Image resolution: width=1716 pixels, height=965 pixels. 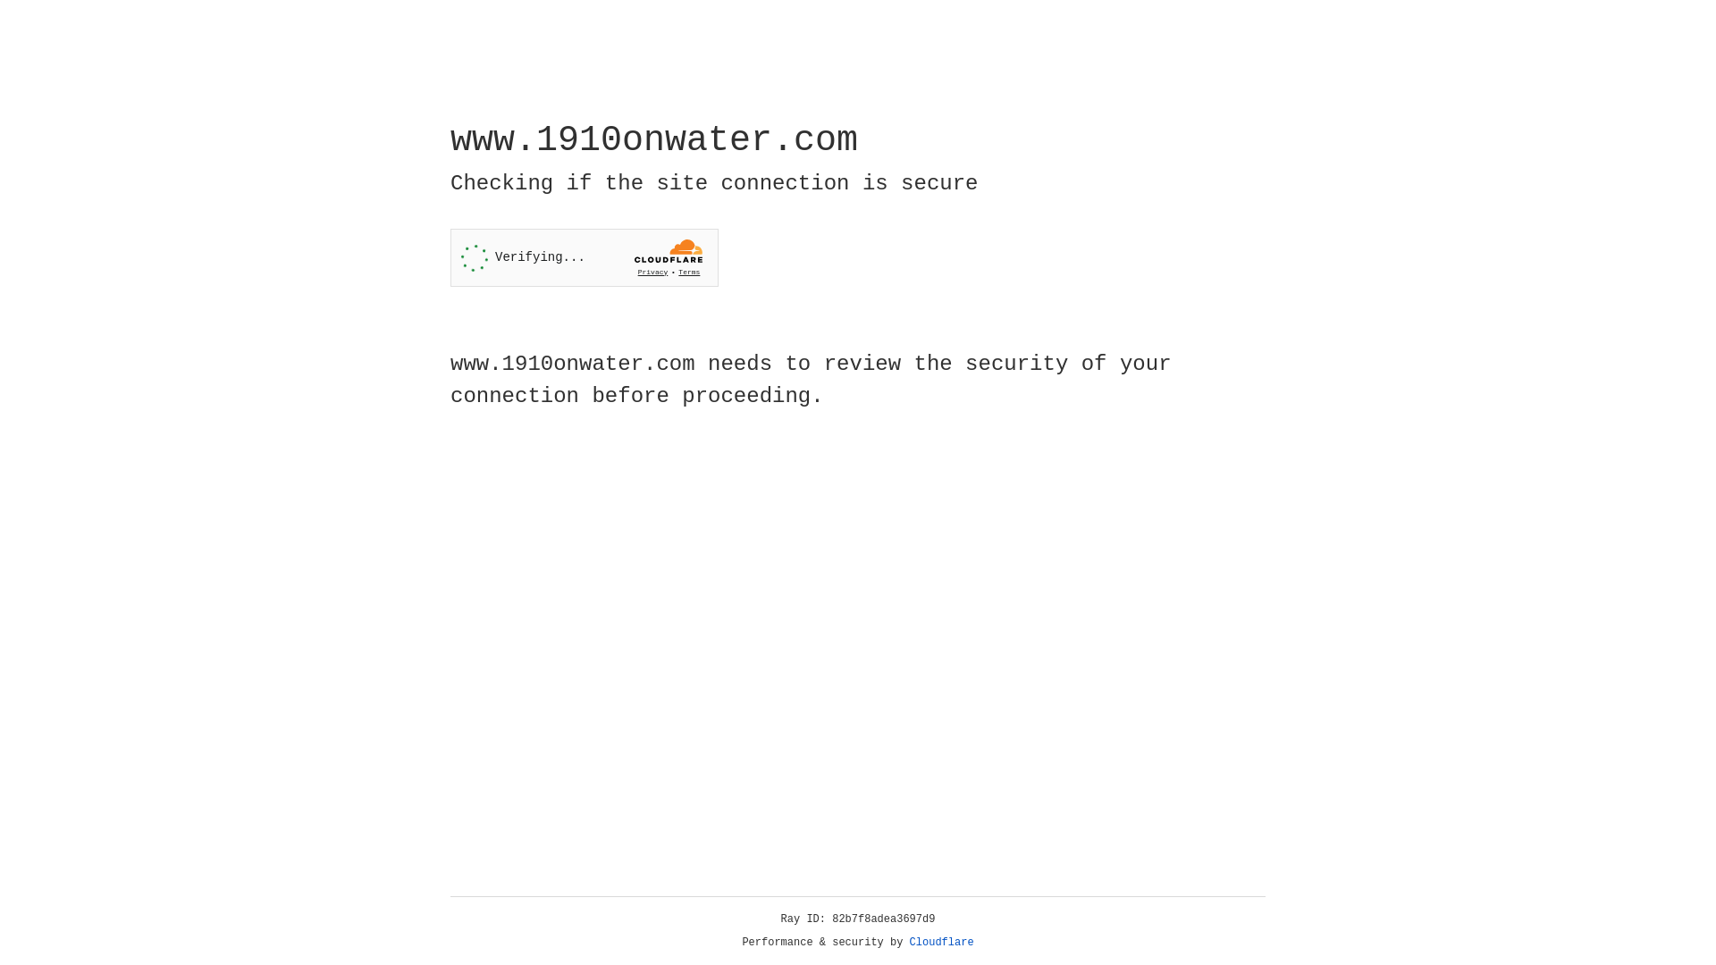 What do you see at coordinates (941, 942) in the screenshot?
I see `'Cloudflare'` at bounding box center [941, 942].